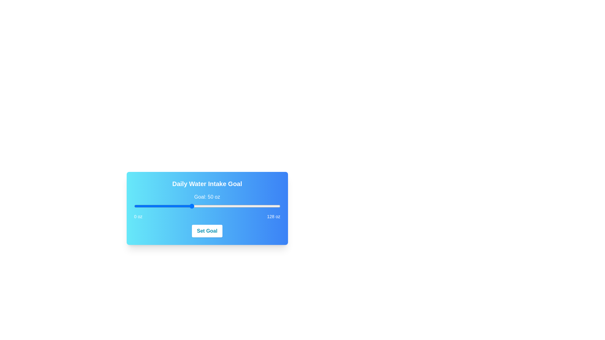  Describe the element at coordinates (279, 206) in the screenshot. I see `the slider to set the value to 127 oz` at that location.